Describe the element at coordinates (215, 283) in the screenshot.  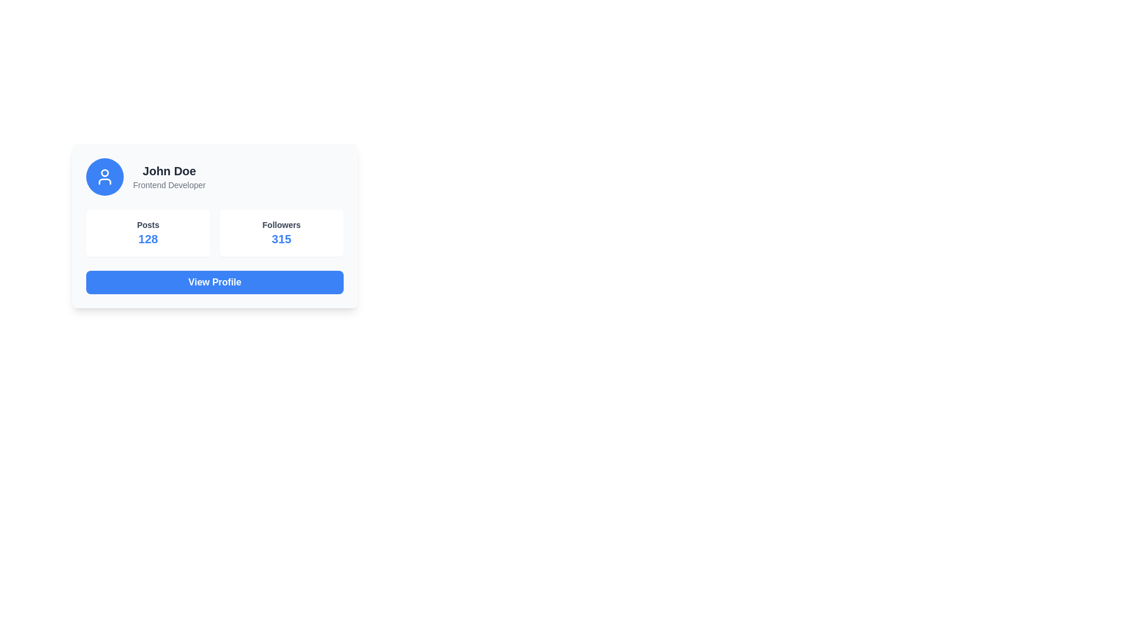
I see `the 'View Profile' button located at the bottom of the card layout, which has a vibrant blue background and white bold text` at that location.